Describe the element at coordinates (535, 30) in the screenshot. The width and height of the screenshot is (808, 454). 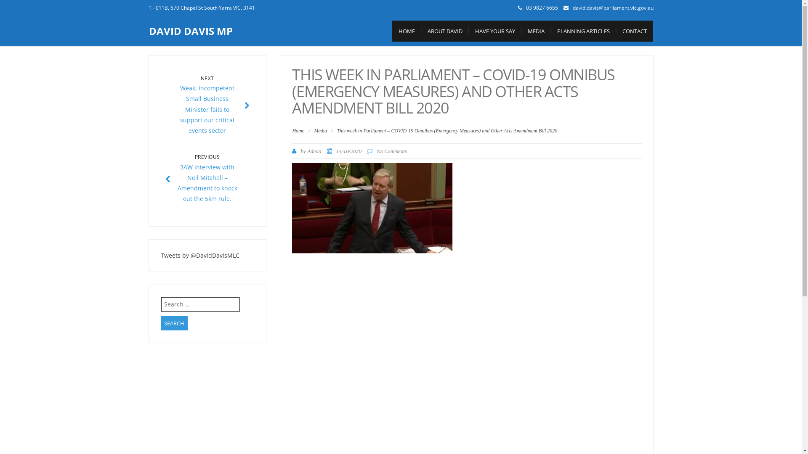
I see `'MEDIA'` at that location.